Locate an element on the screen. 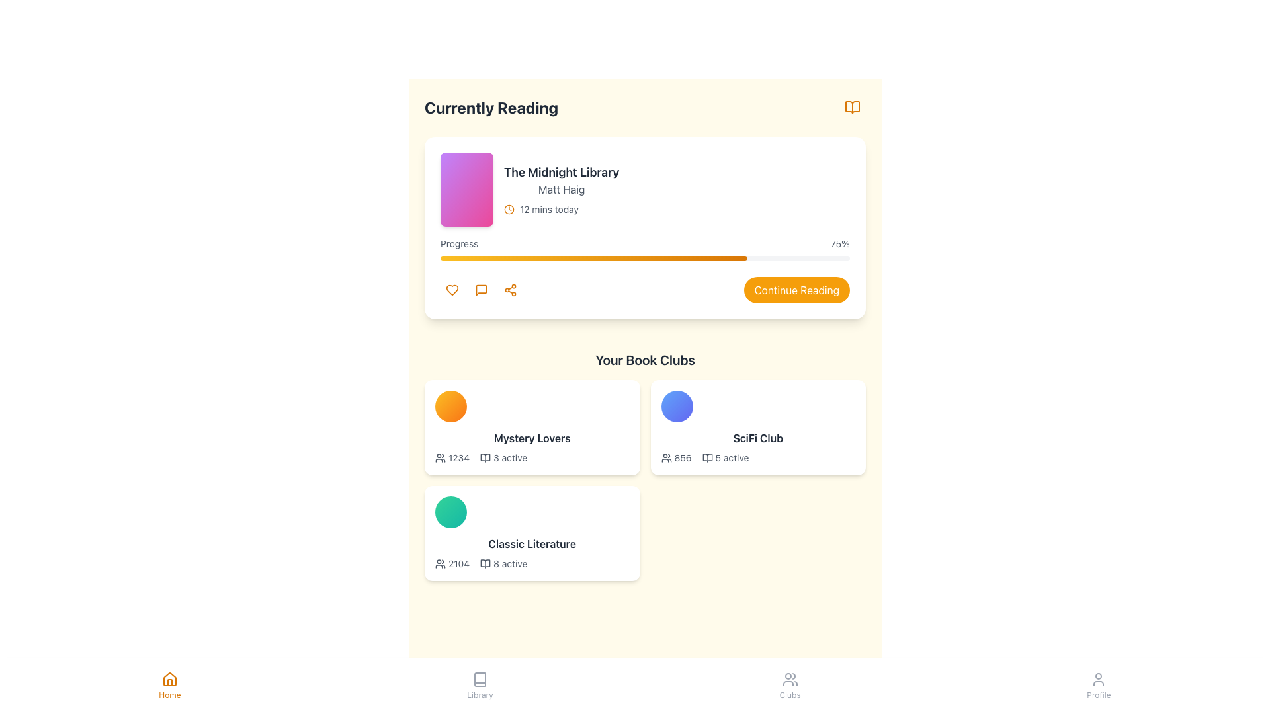 Image resolution: width=1270 pixels, height=714 pixels. the 'Currently Reading' text header element, which is styled in bold with dark gray text on a light background and is located at the top-left corner of its section is located at coordinates (491, 106).